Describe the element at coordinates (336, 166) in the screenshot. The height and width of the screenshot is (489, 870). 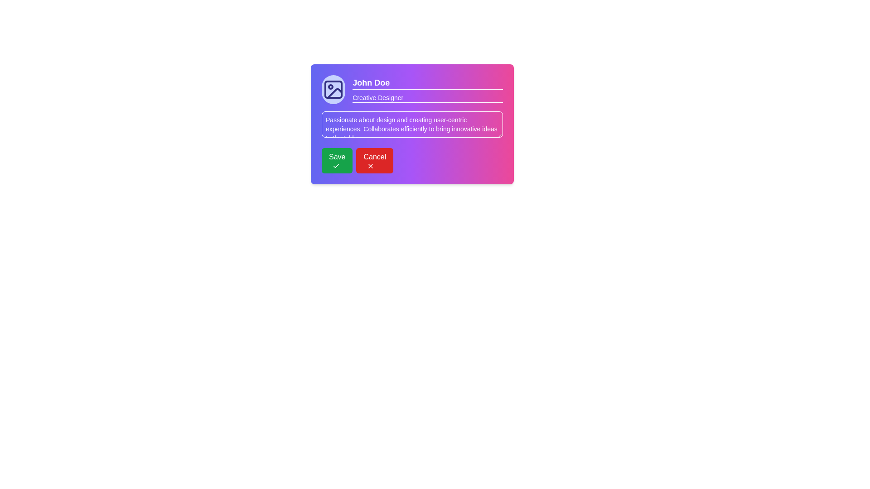
I see `the affirmative action icon located within the green 'Save' button at the bottom-left of the modal` at that location.